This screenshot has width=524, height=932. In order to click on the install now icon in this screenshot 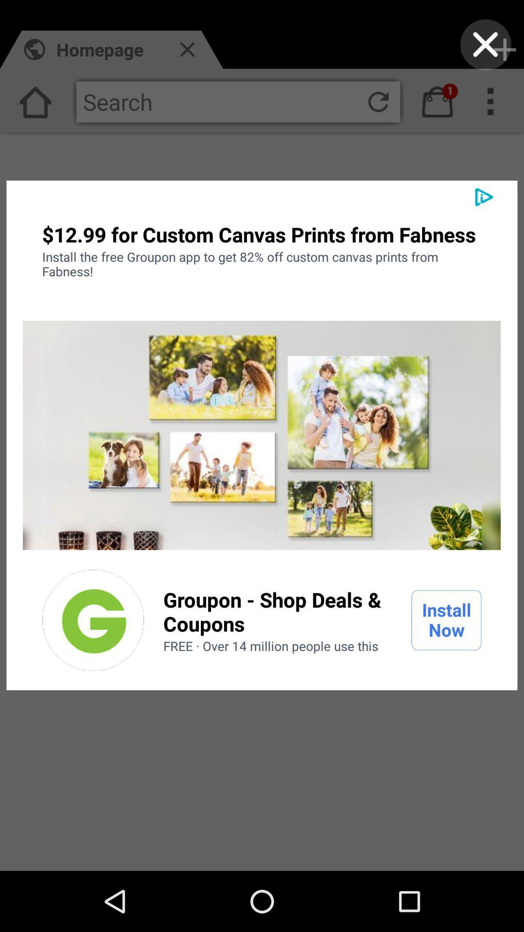, I will do `click(446, 619)`.